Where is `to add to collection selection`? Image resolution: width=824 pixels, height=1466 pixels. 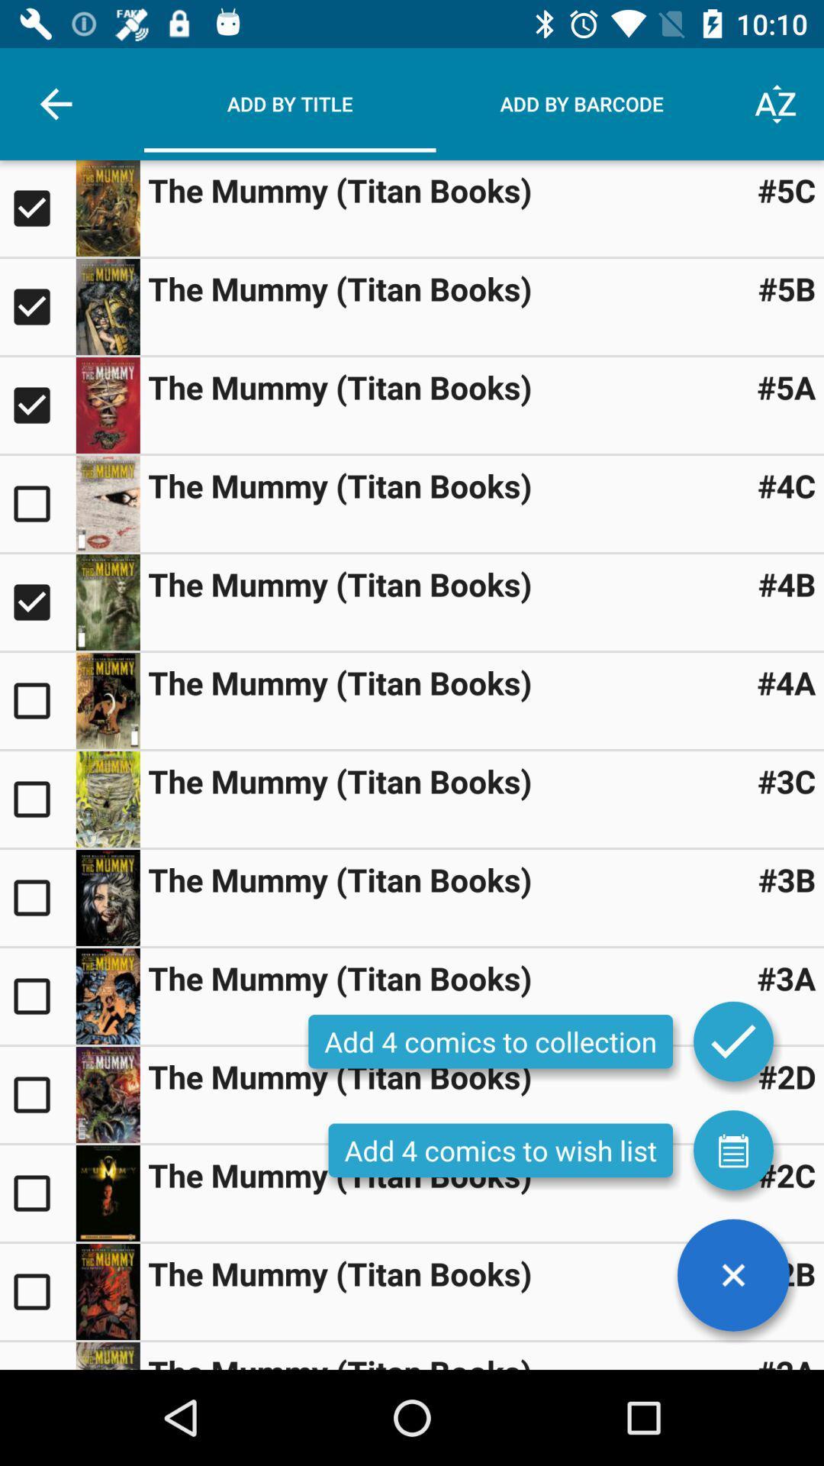 to add to collection selection is located at coordinates (107, 798).